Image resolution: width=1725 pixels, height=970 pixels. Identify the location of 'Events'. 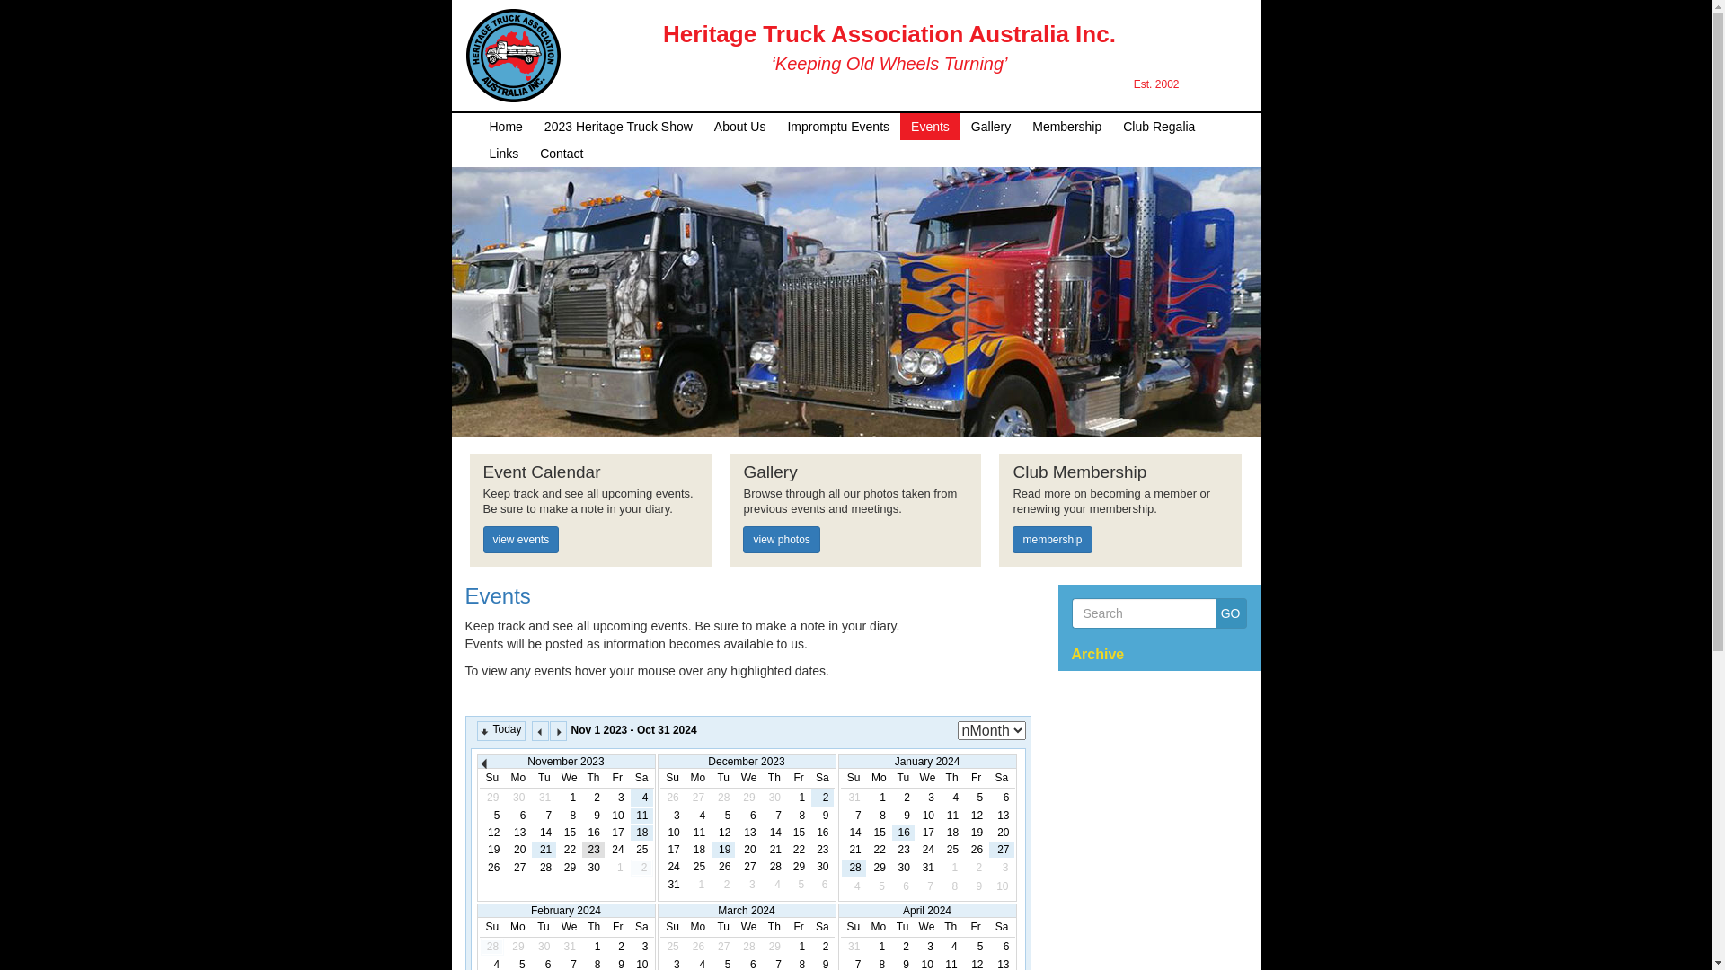
(465, 595).